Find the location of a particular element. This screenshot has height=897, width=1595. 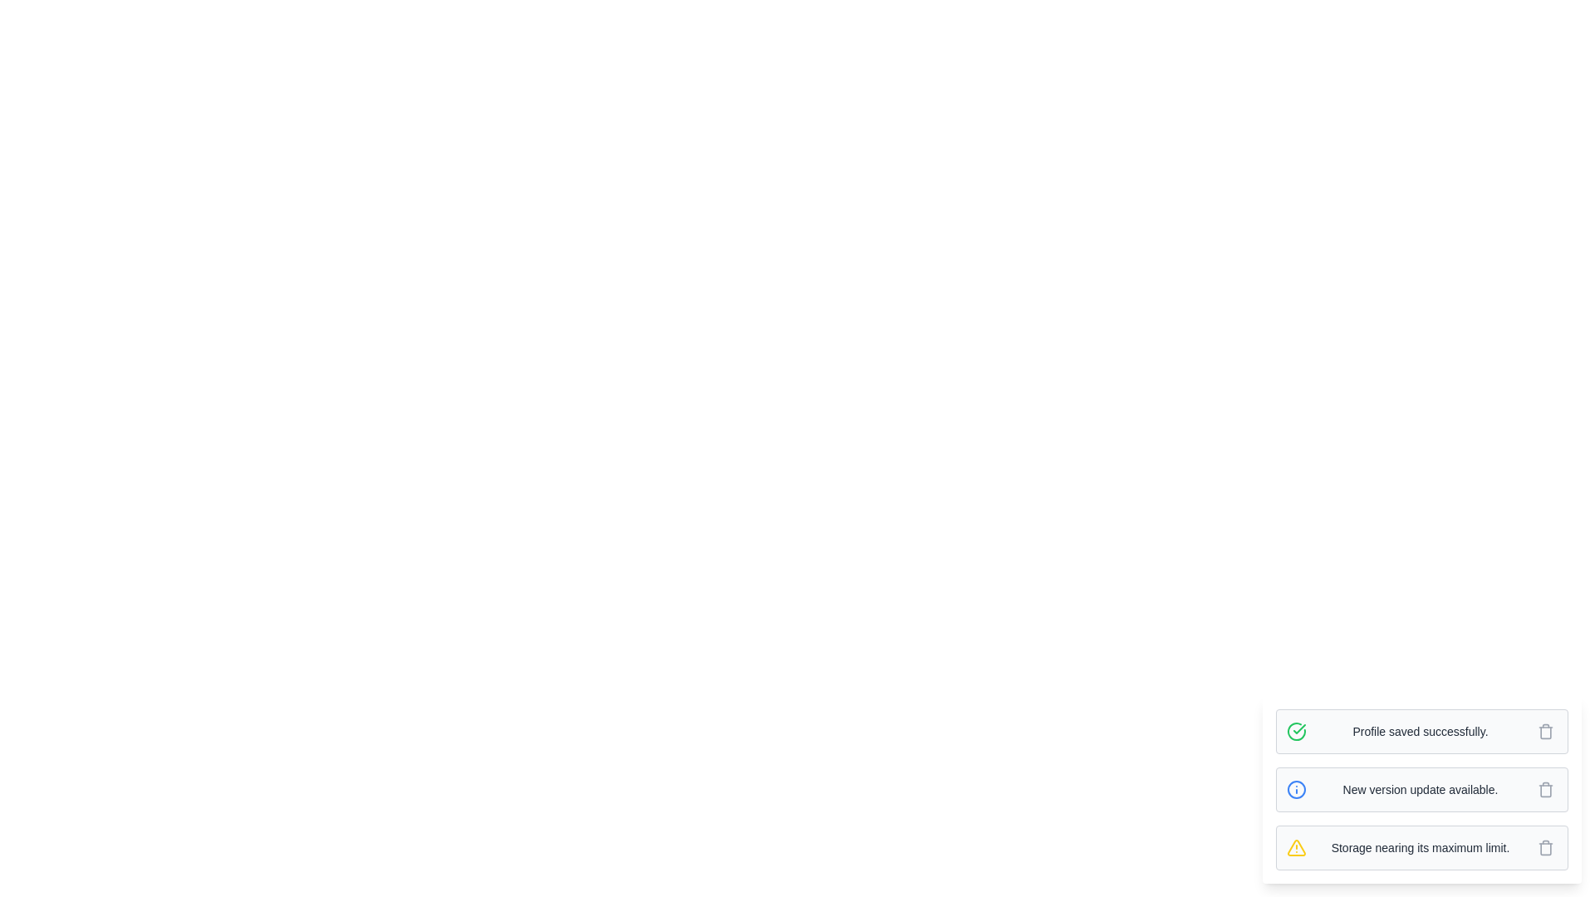

the delete button of the message with text 'Profile saved successfully.' is located at coordinates (1545, 730).